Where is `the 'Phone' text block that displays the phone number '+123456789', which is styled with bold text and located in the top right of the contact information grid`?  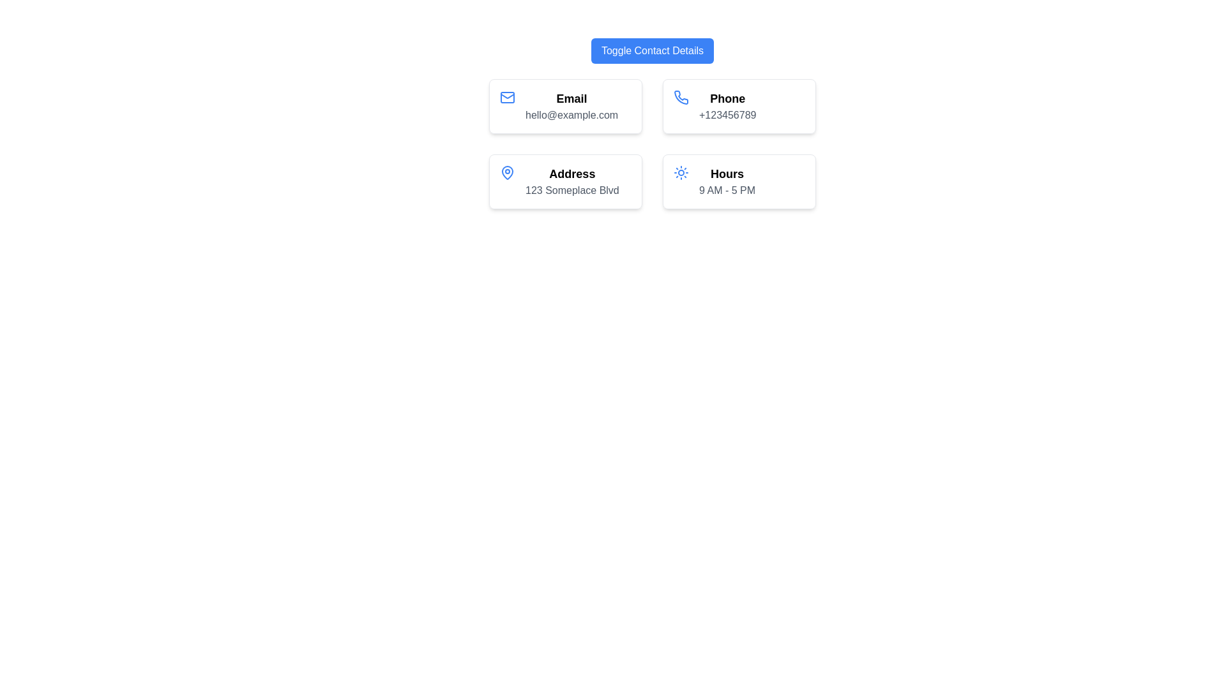
the 'Phone' text block that displays the phone number '+123456789', which is styled with bold text and located in the top right of the contact information grid is located at coordinates (727, 105).